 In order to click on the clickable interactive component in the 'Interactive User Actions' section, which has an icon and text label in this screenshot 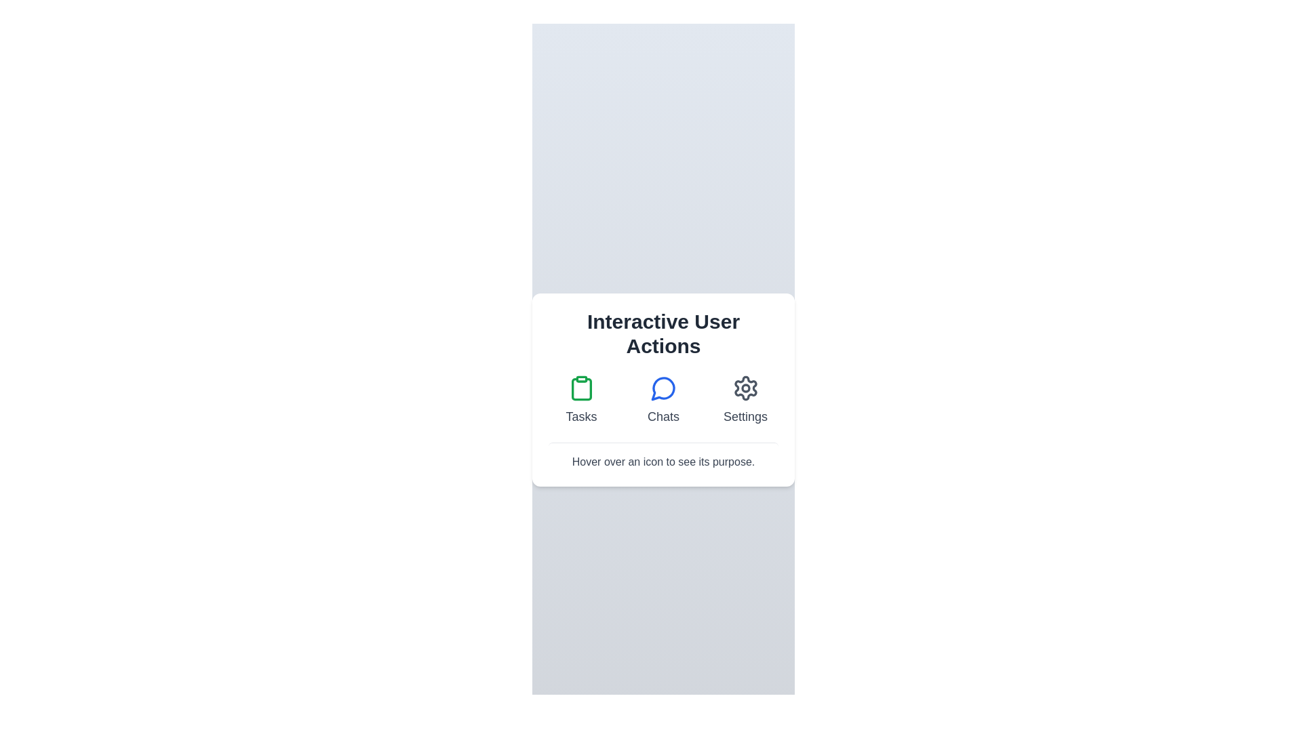, I will do `click(663, 399)`.